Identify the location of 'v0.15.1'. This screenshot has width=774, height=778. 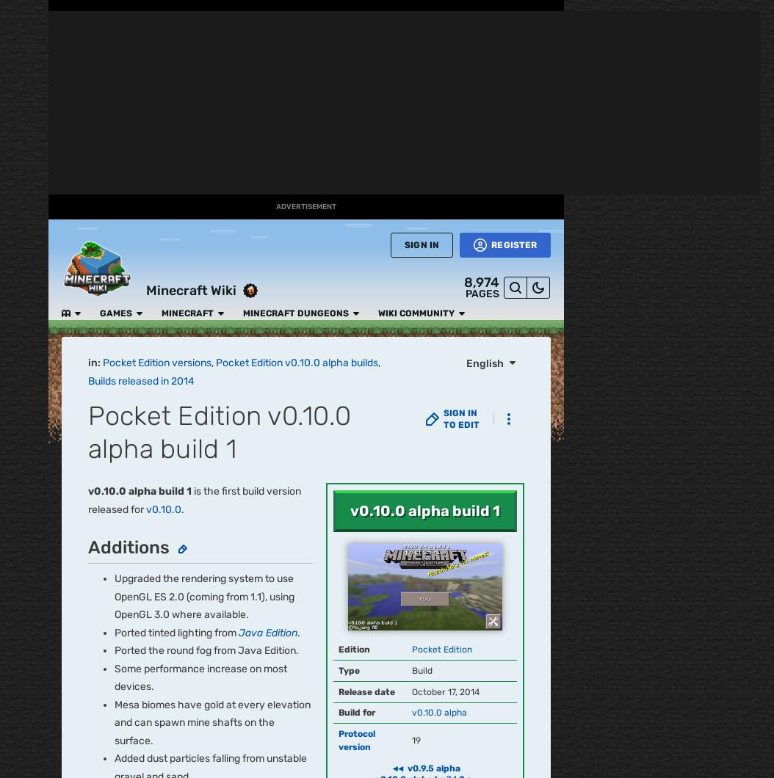
(207, 150).